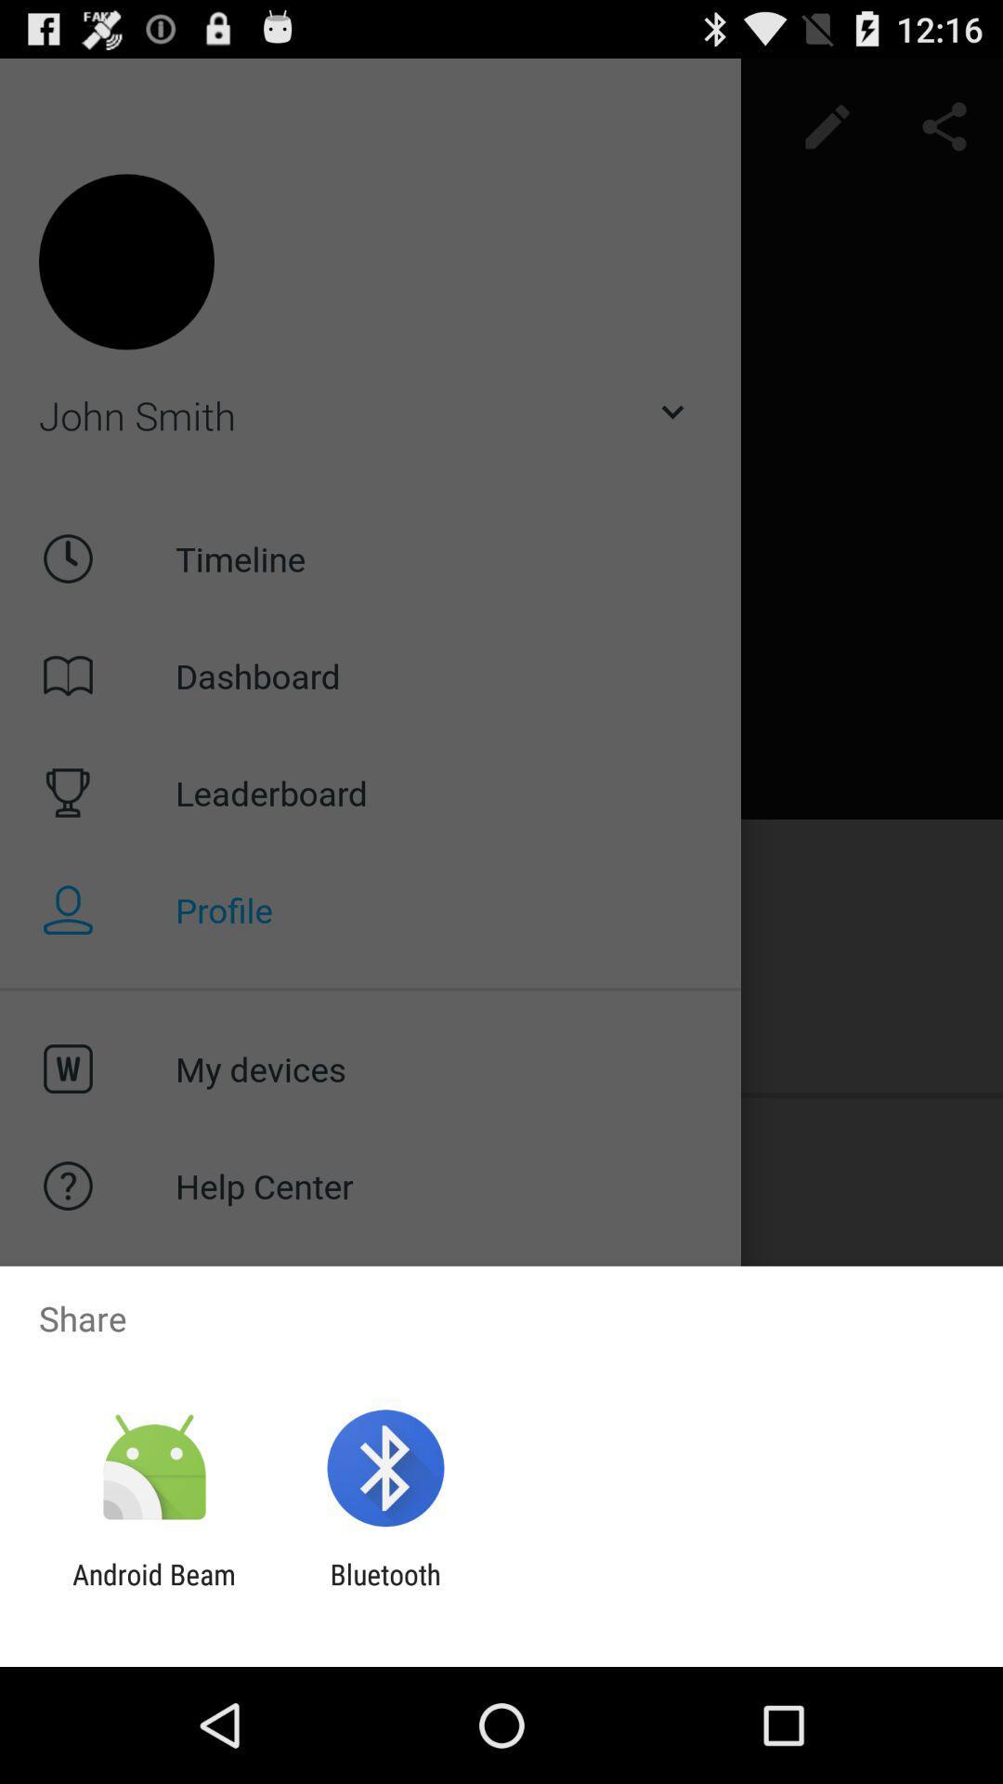 This screenshot has width=1003, height=1784. Describe the element at coordinates (384, 1590) in the screenshot. I see `bluetooth` at that location.